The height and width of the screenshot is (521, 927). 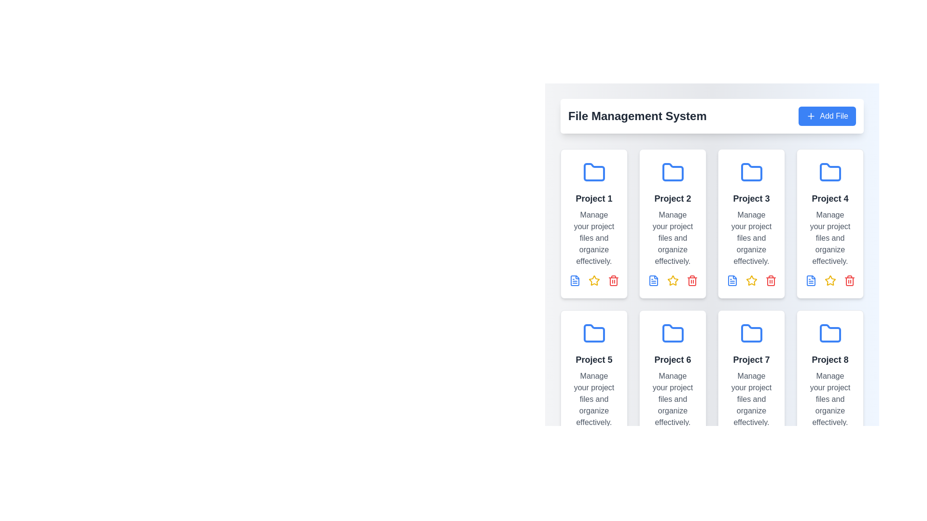 I want to click on the non-interactive document icon representing 'Project 1' located in the top-left corner of the icon cluster beneath the title text 'Project 1', so click(x=575, y=281).